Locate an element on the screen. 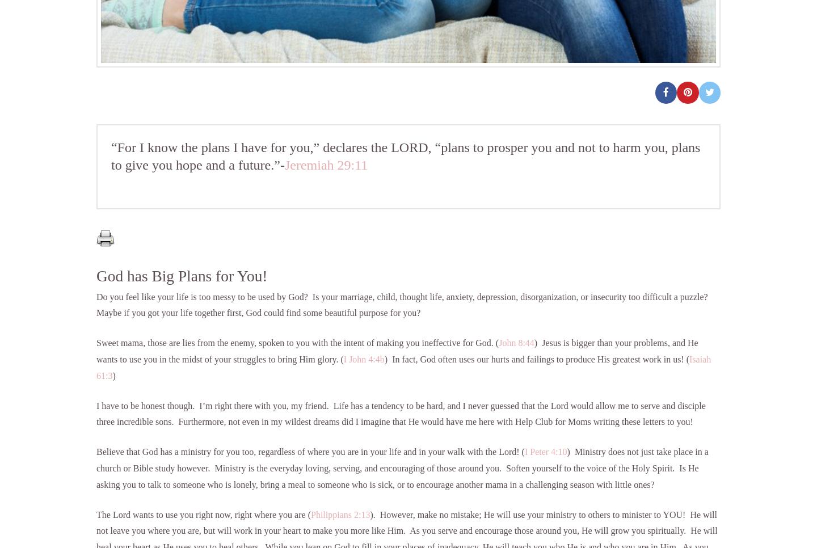 The image size is (817, 548). '“For I know the plans I have for you,” declares the LORD, “plans to prosper you and not to harm you, plans to give you hope and a future.”-' is located at coordinates (405, 155).